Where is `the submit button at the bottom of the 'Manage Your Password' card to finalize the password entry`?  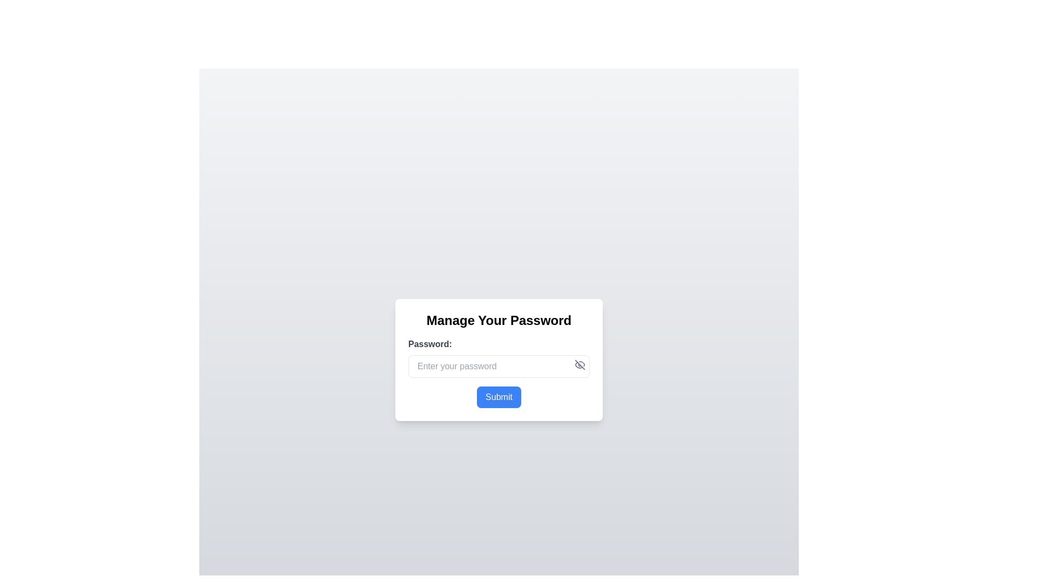
the submit button at the bottom of the 'Manage Your Password' card to finalize the password entry is located at coordinates (499, 397).